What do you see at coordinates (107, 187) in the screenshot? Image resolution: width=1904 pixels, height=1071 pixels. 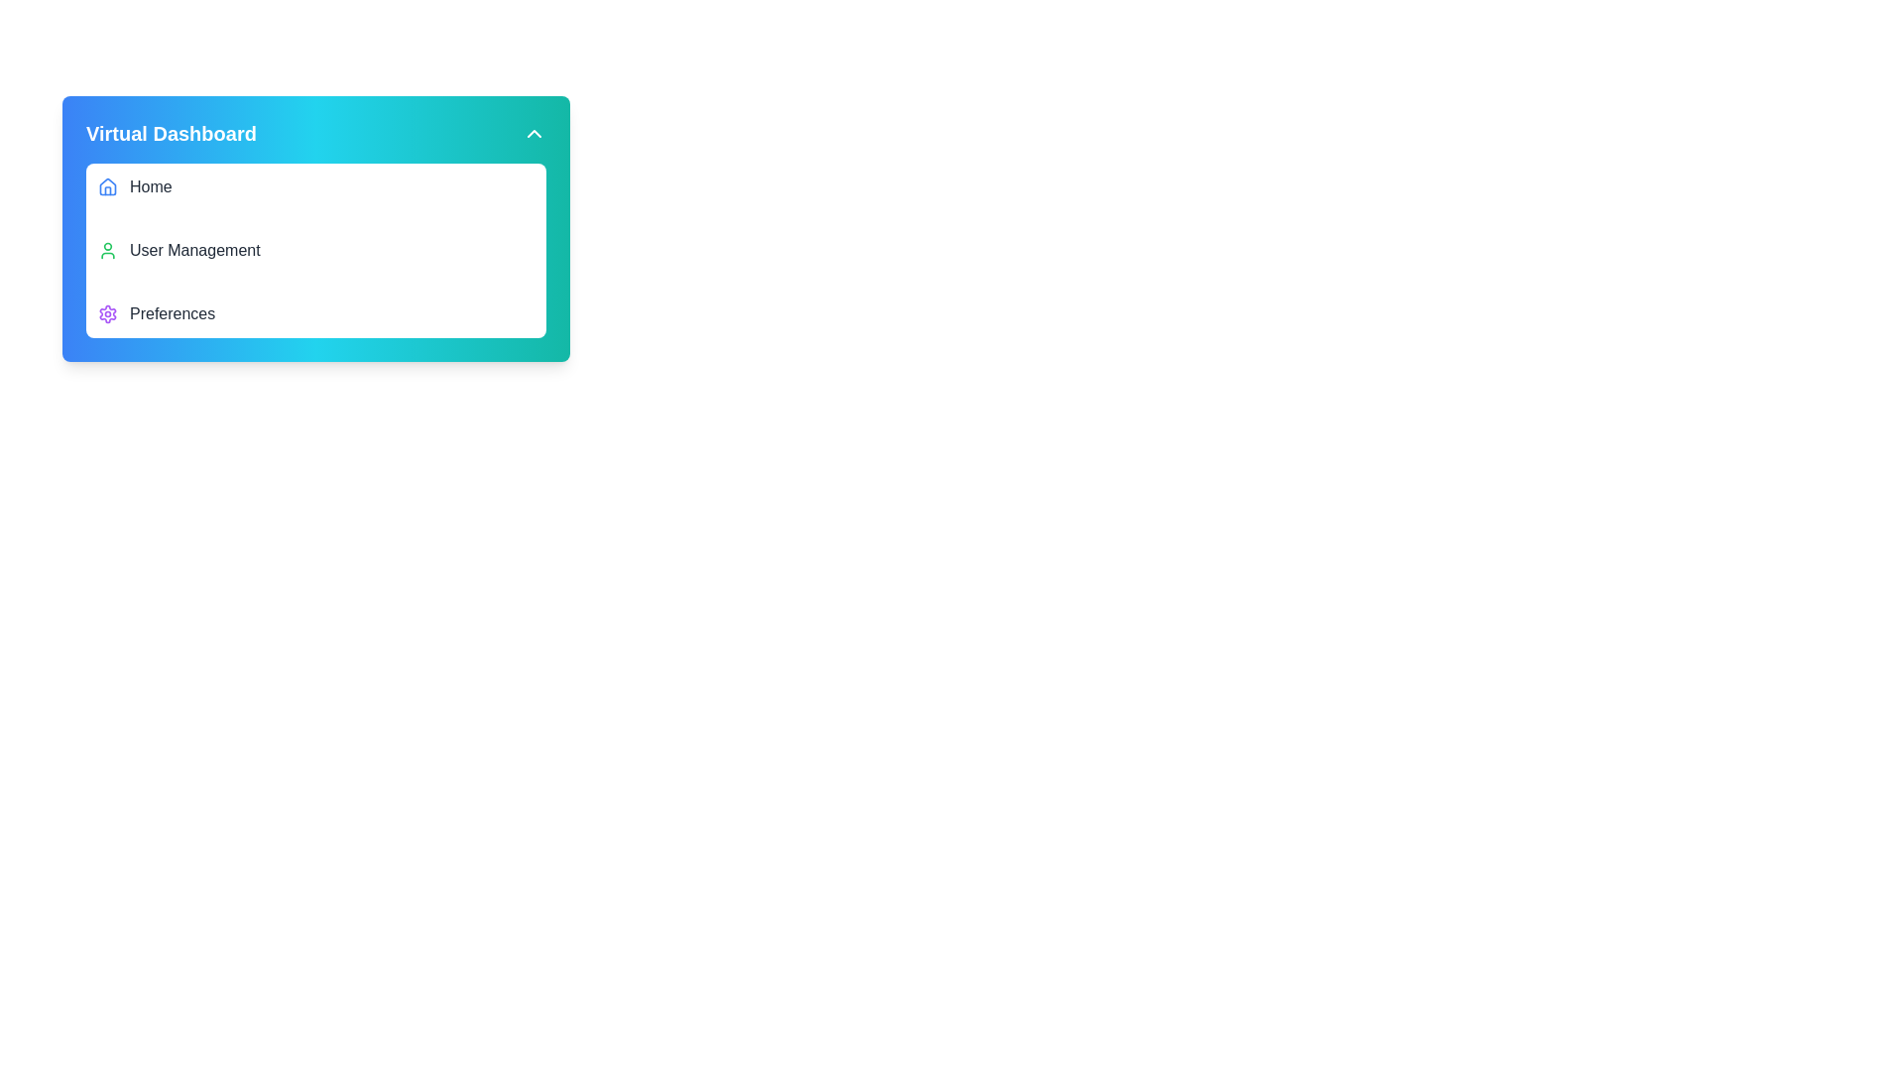 I see `the blue house icon located at the leftmost position of the 'Home' menu item to associate it with the menu item 'Home'` at bounding box center [107, 187].